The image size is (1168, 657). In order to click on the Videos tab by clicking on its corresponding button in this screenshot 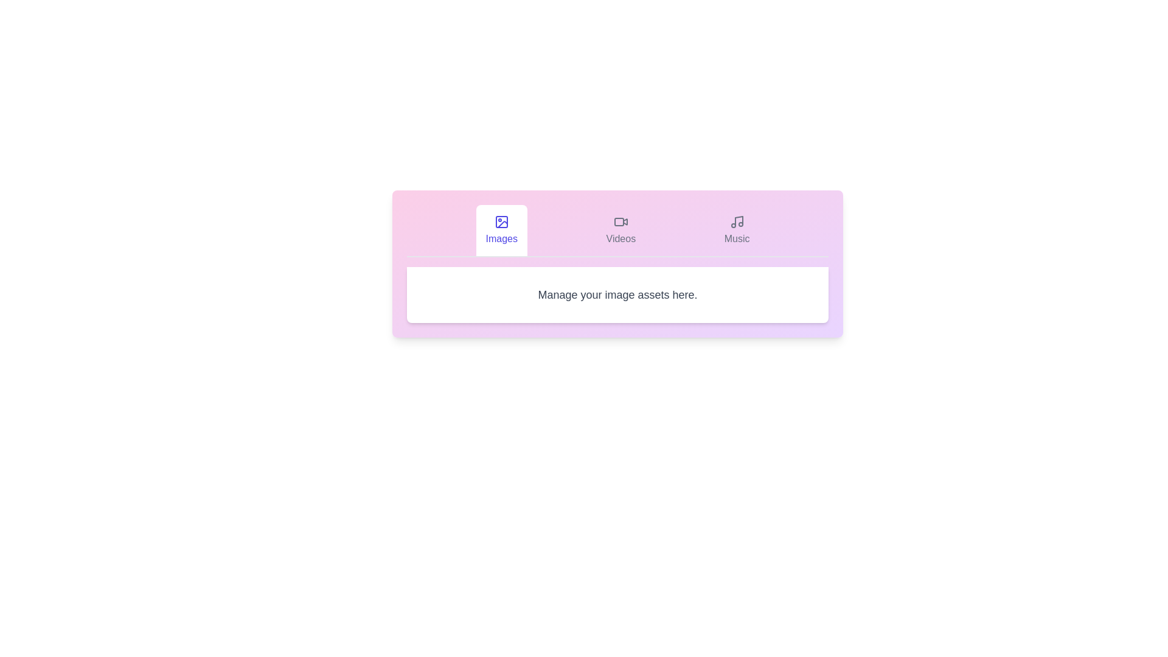, I will do `click(620, 230)`.